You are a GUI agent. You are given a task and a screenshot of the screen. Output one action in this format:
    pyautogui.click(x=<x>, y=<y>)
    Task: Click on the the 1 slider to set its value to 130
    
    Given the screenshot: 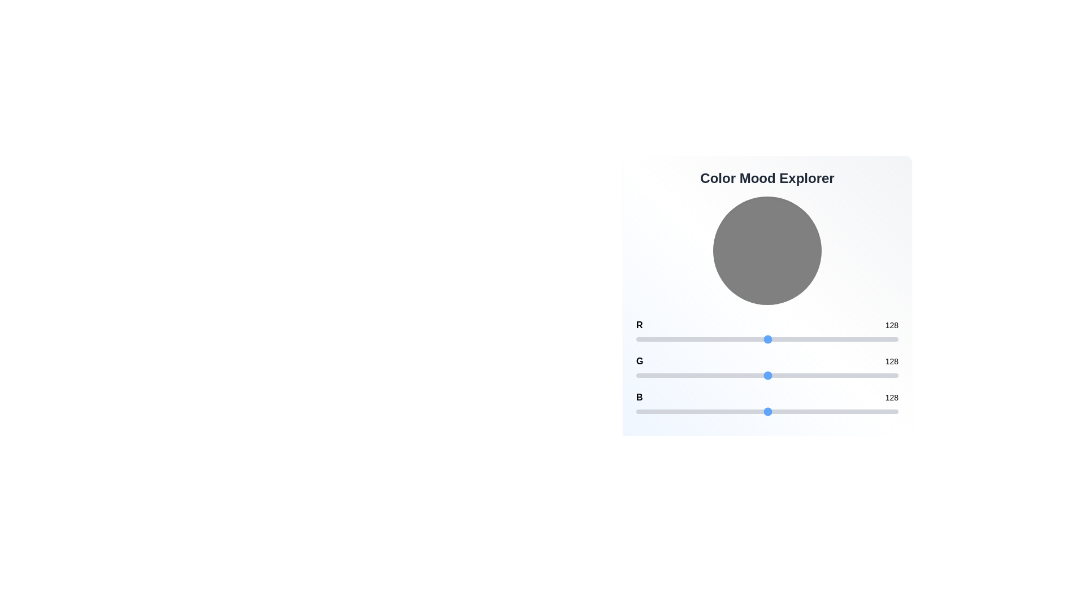 What is the action you would take?
    pyautogui.click(x=769, y=375)
    